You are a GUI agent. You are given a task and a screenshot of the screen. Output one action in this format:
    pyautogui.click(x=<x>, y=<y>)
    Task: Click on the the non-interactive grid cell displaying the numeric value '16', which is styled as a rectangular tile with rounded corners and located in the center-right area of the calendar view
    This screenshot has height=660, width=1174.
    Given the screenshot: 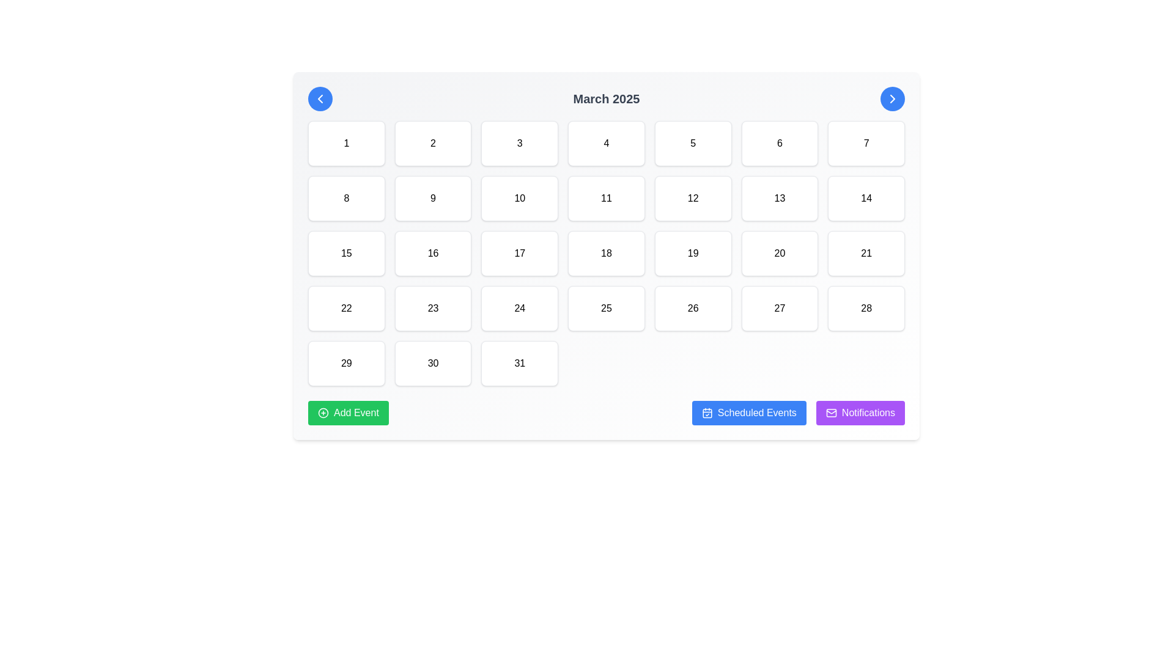 What is the action you would take?
    pyautogui.click(x=433, y=253)
    